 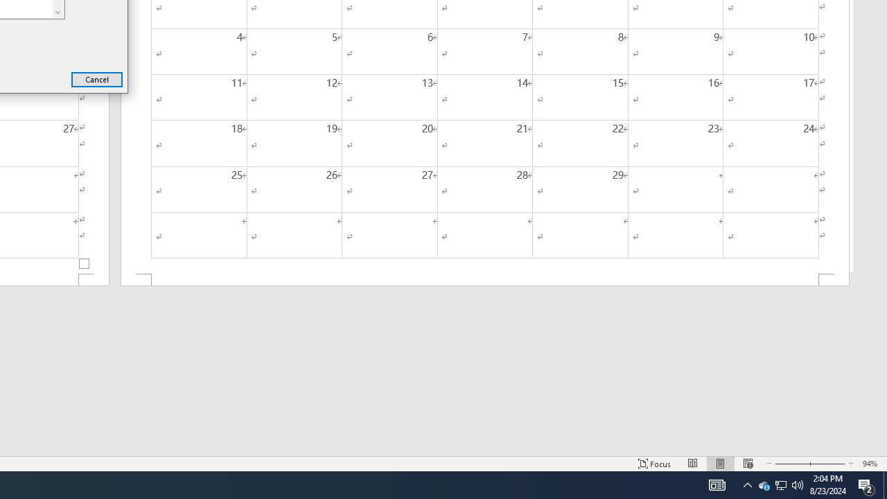 What do you see at coordinates (781, 484) in the screenshot?
I see `'User Promoted Notification Area'` at bounding box center [781, 484].